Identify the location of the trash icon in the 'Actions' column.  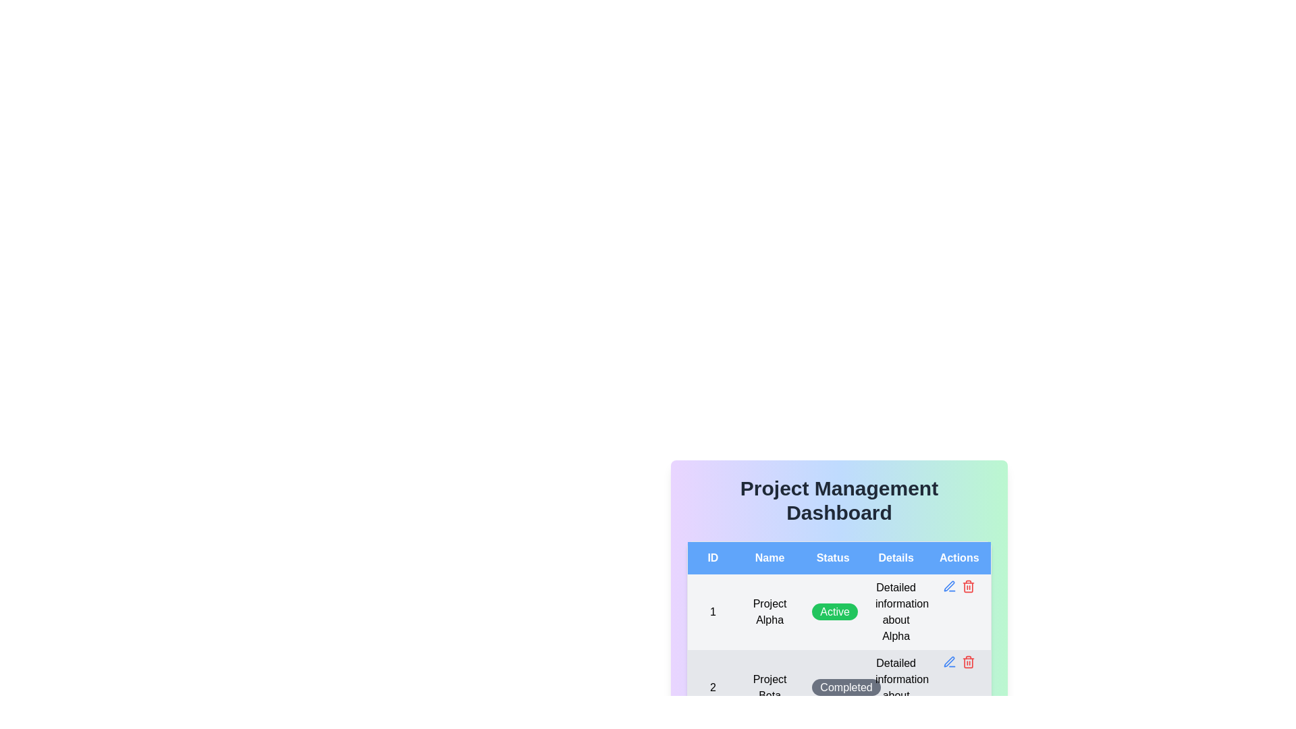
(968, 585).